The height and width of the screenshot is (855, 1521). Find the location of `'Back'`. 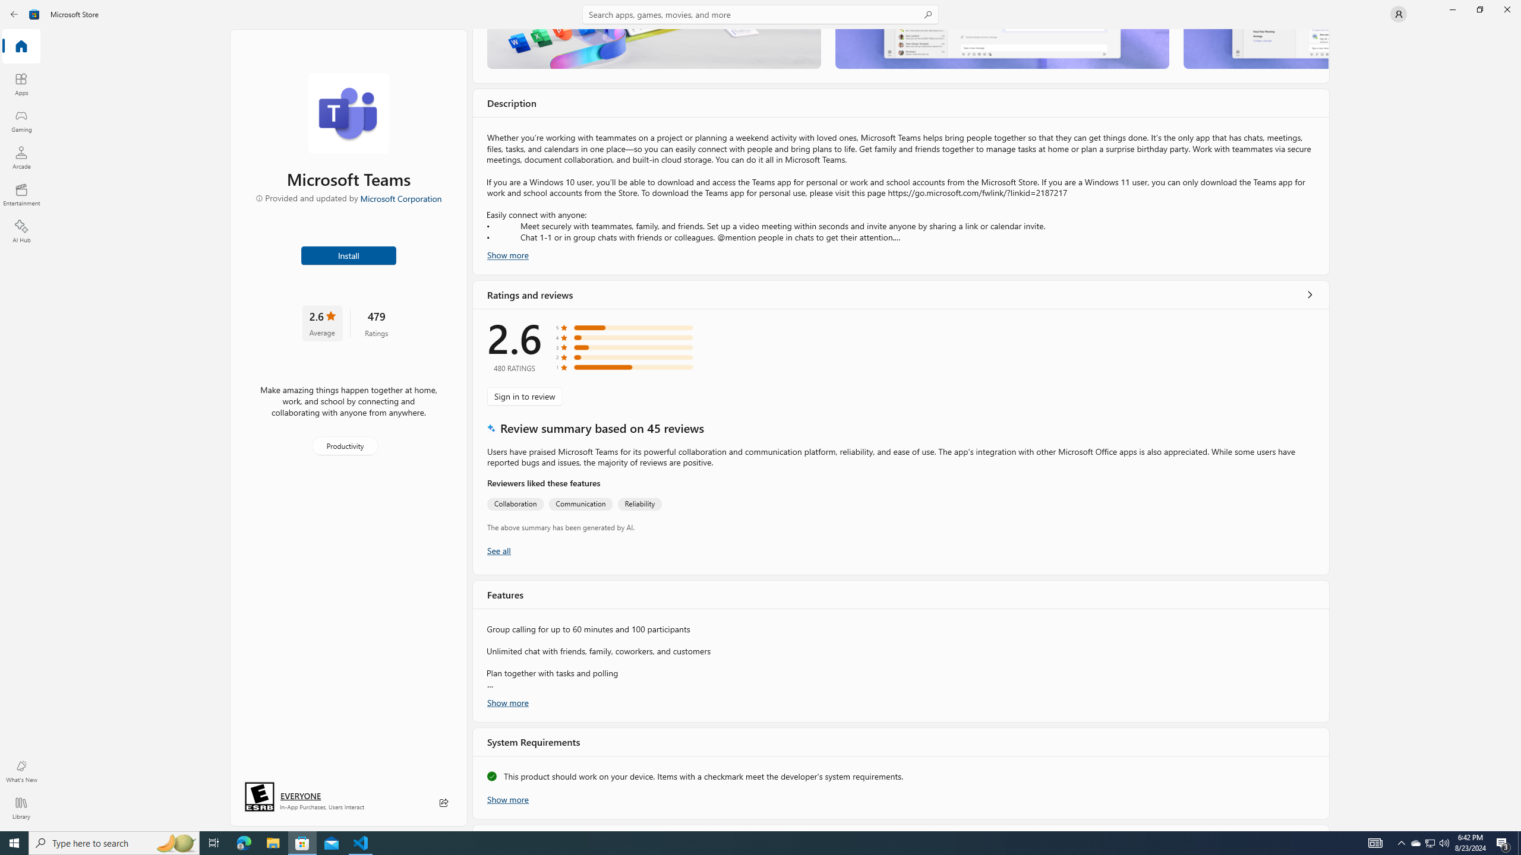

'Back' is located at coordinates (14, 13).